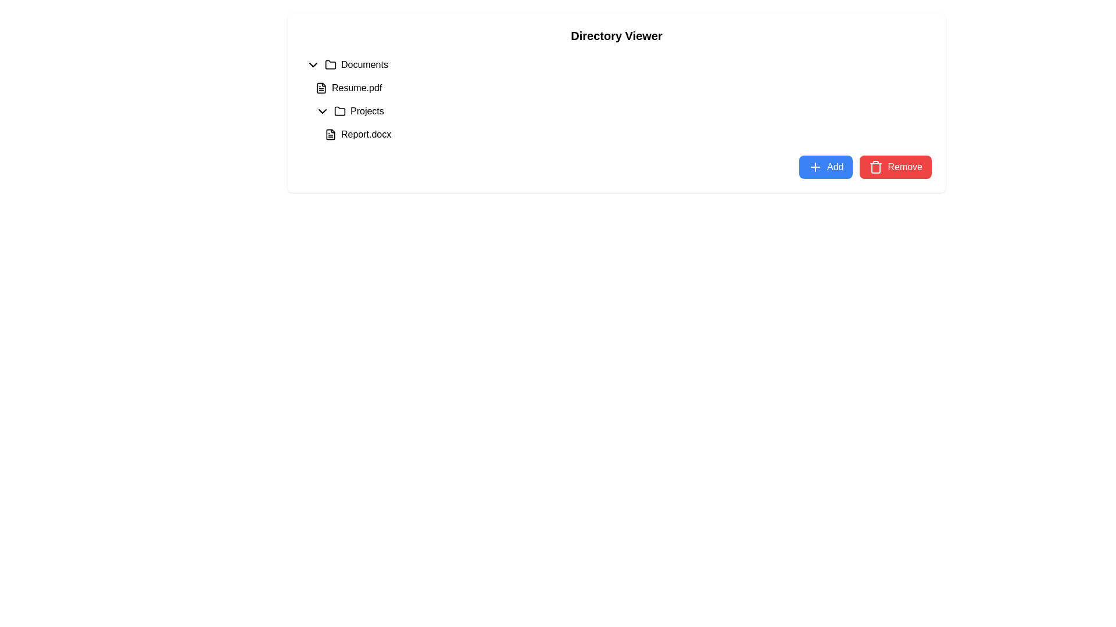 Image resolution: width=1116 pixels, height=627 pixels. What do you see at coordinates (330, 64) in the screenshot?
I see `the folder icon, which is a simple outline style icon positioned to the left of the 'Documents' label` at bounding box center [330, 64].